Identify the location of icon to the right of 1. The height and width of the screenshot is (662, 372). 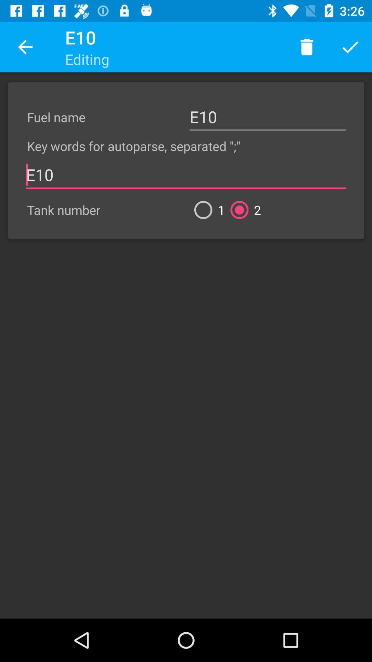
(242, 210).